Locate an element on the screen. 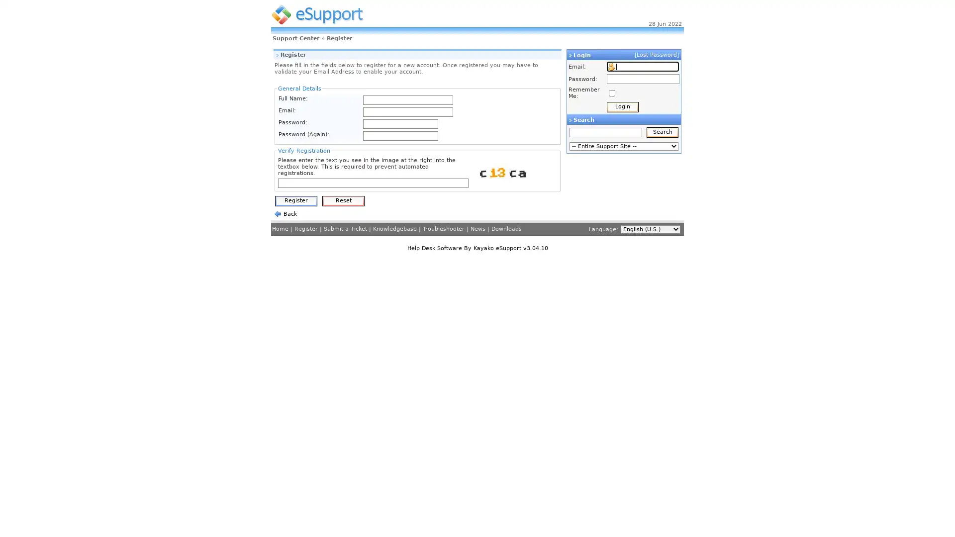 Image resolution: width=955 pixels, height=537 pixels. Reset is located at coordinates (343, 201).